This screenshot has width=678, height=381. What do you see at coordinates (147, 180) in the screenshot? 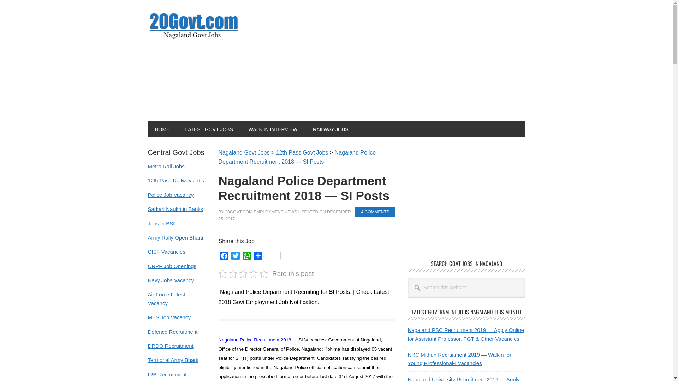
I see `'12th Pass Railway Jobs'` at bounding box center [147, 180].